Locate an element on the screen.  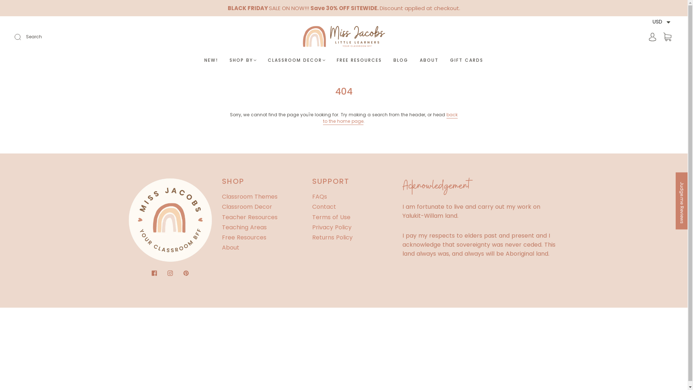
'Privacy Policy' is located at coordinates (312, 227).